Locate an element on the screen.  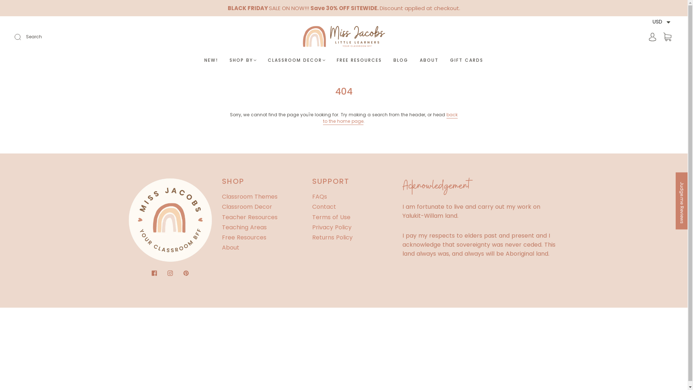
'Privacy Policy' is located at coordinates (312, 227).